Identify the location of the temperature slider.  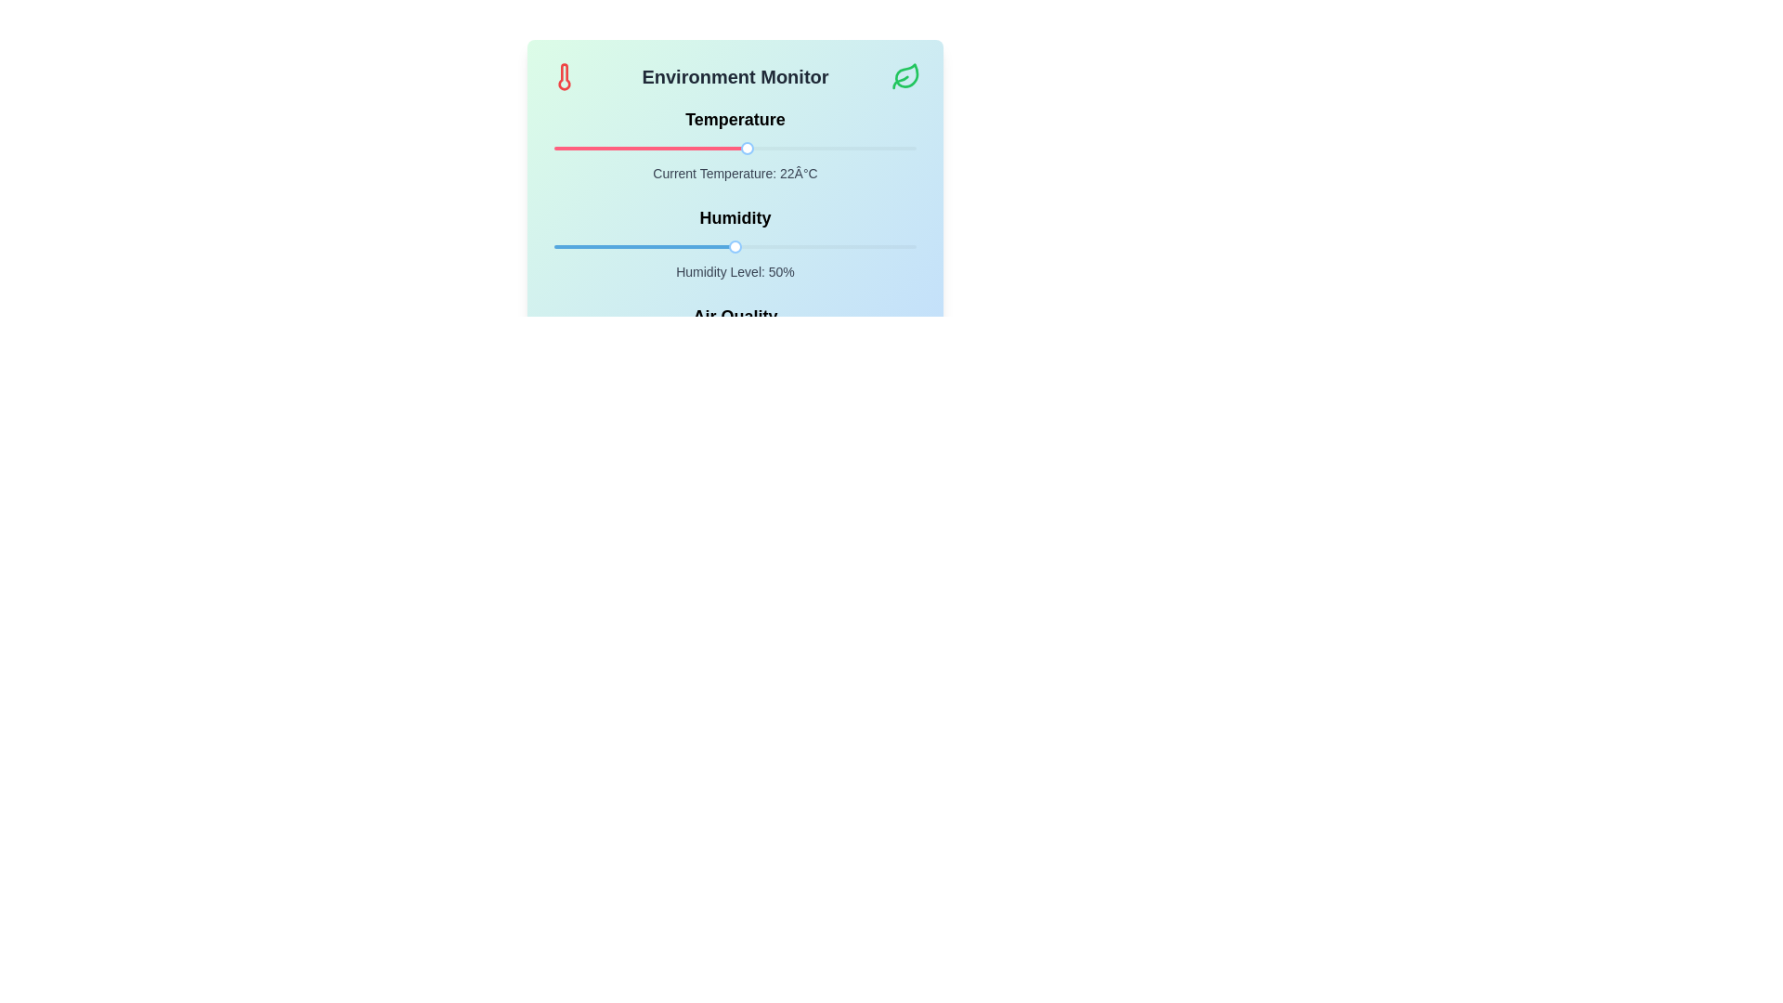
(662, 147).